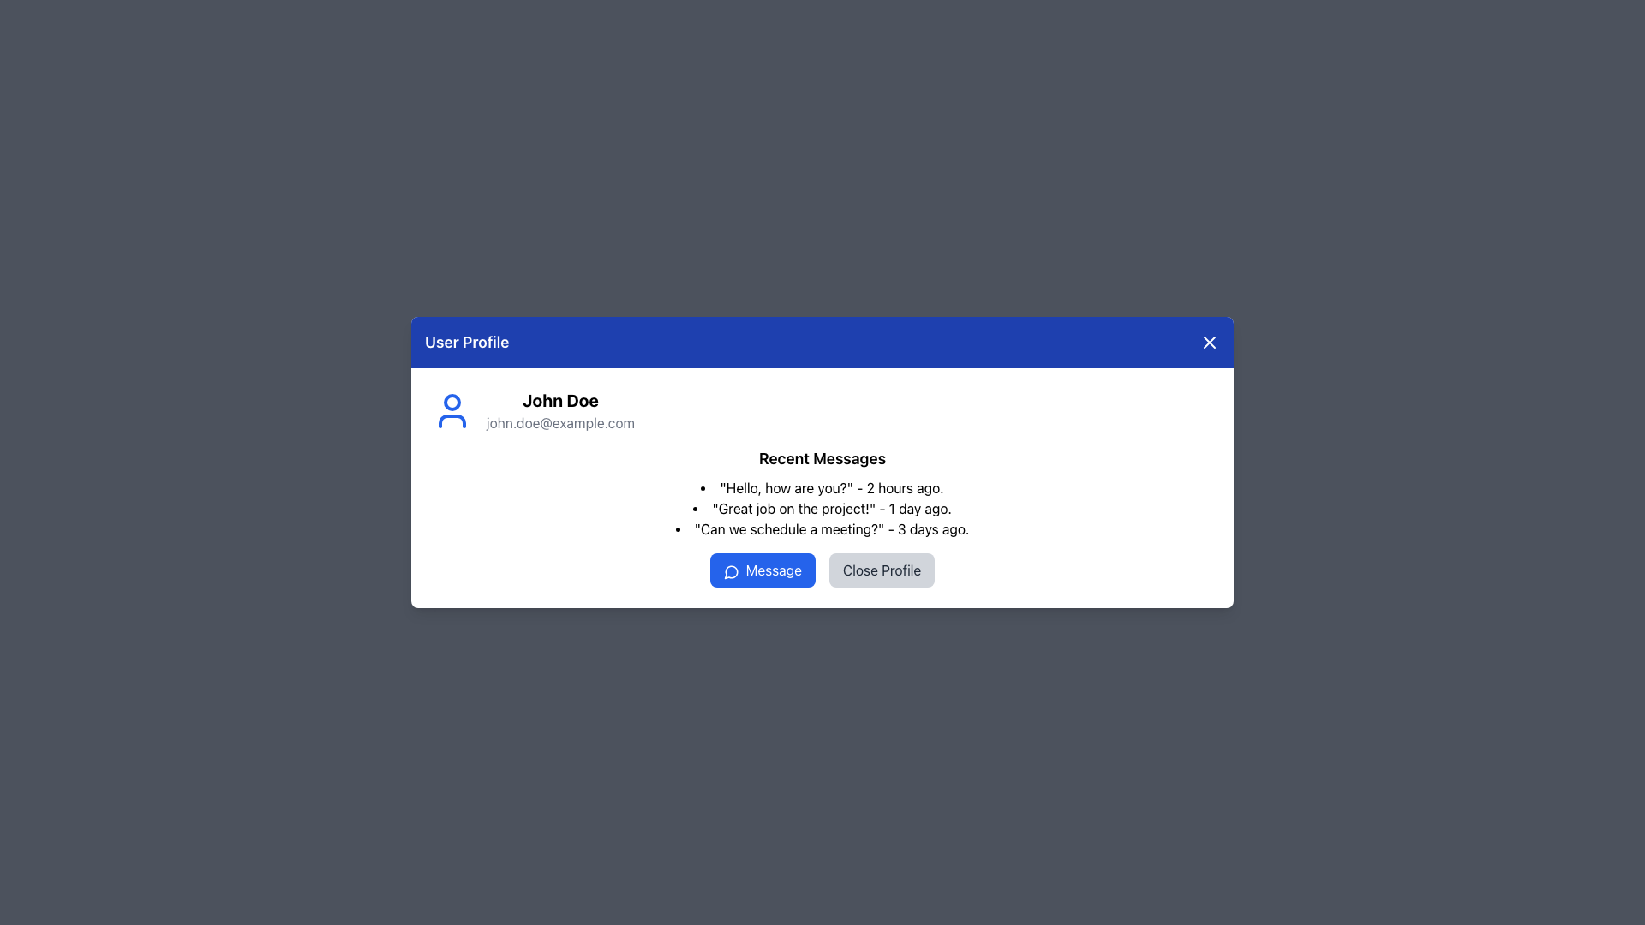 The image size is (1645, 925). I want to click on the bold, black text 'John Doe' in the top-left section of the user profile card, so click(560, 400).